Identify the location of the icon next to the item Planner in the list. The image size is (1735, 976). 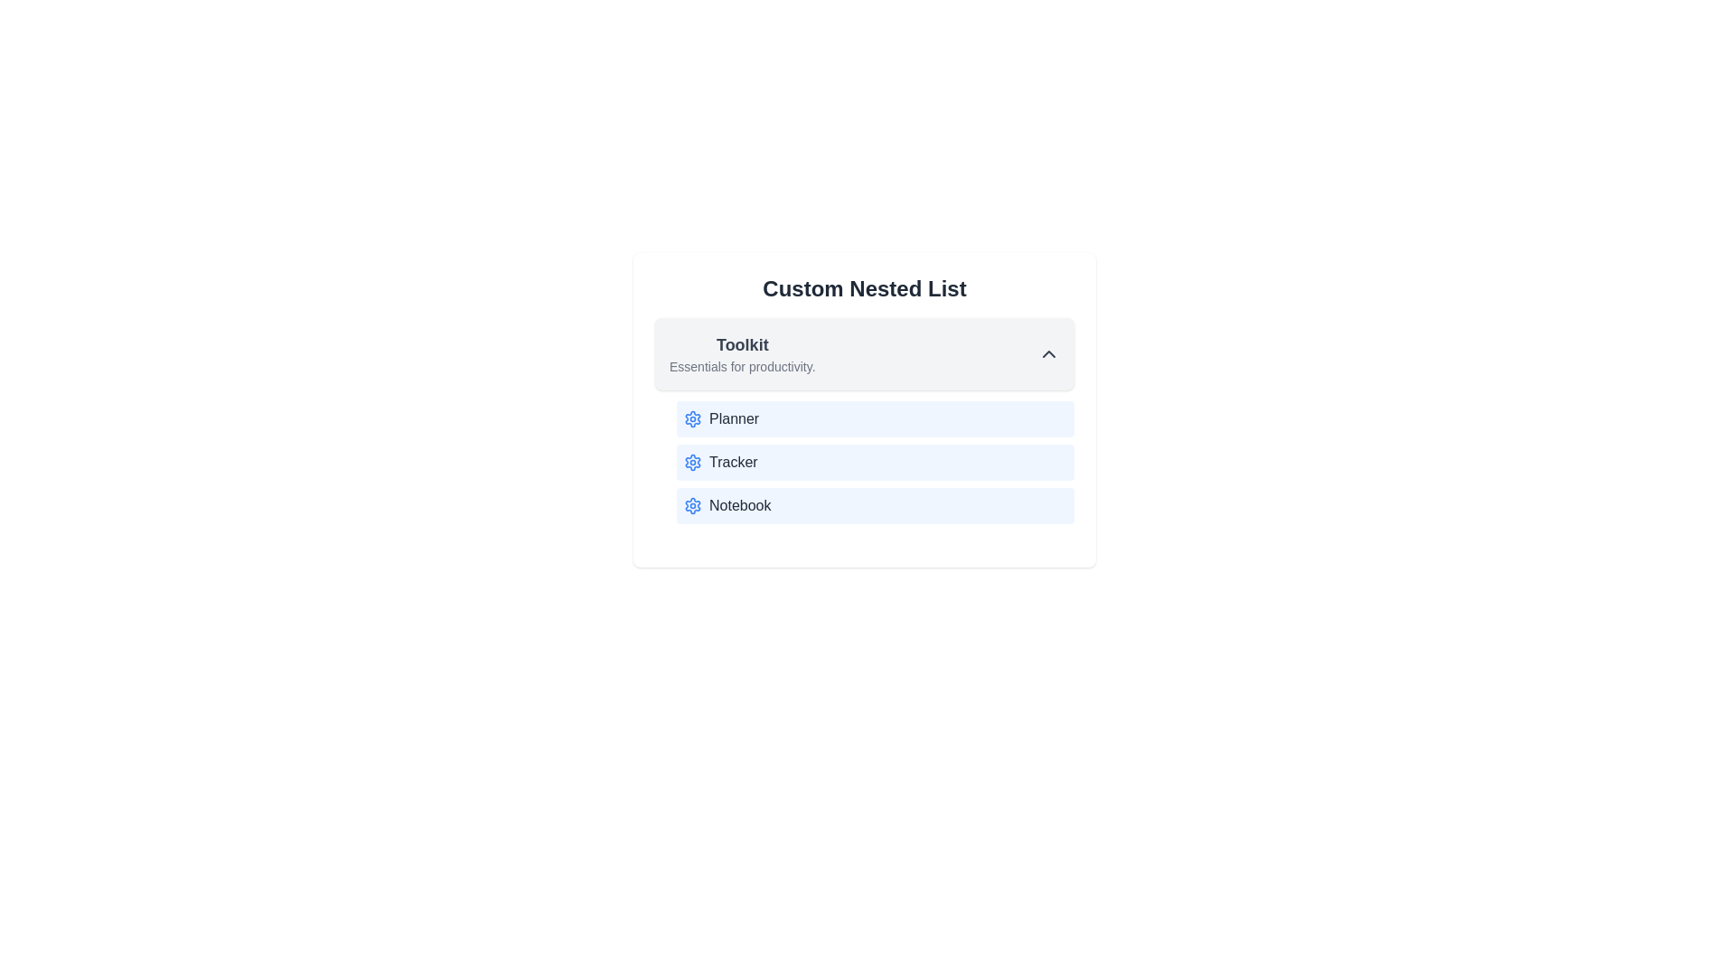
(692, 418).